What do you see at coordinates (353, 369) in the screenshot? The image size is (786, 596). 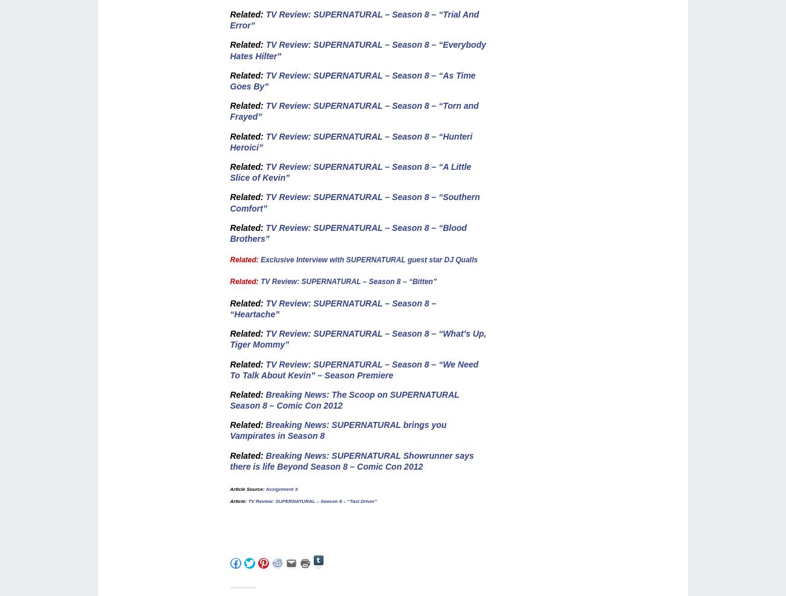 I see `'TV Review: SUPERNATURAL – Season 8 – “We Need To Talk About Kevin” – Season Premiere'` at bounding box center [353, 369].